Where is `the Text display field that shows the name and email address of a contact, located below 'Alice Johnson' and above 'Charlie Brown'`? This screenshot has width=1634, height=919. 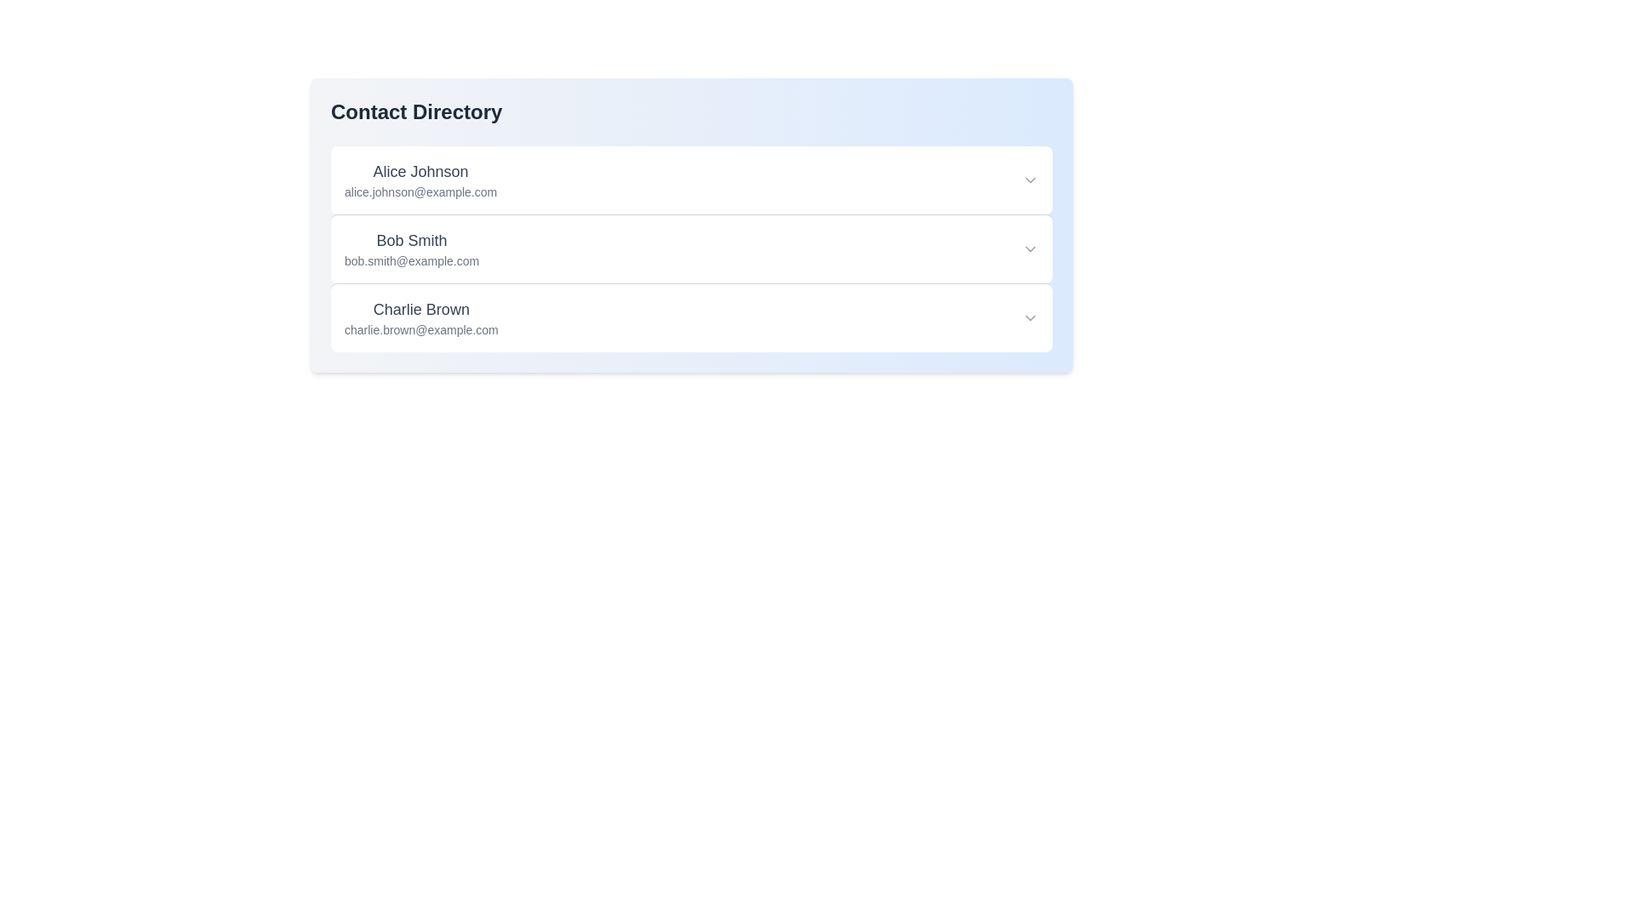
the Text display field that shows the name and email address of a contact, located below 'Alice Johnson' and above 'Charlie Brown' is located at coordinates (412, 249).